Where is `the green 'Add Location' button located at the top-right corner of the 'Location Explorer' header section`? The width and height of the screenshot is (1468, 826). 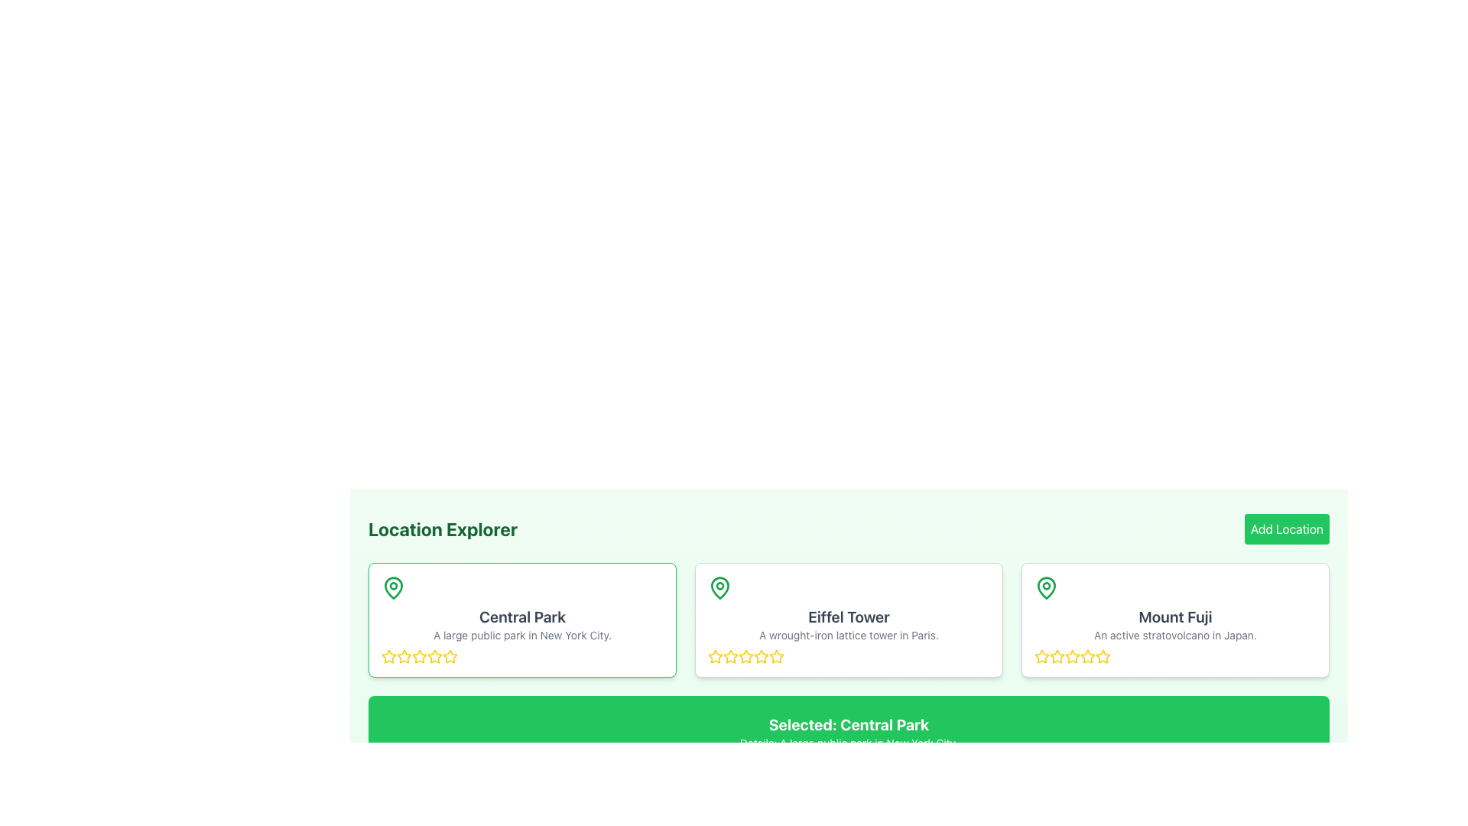 the green 'Add Location' button located at the top-right corner of the 'Location Explorer' header section is located at coordinates (1286, 528).